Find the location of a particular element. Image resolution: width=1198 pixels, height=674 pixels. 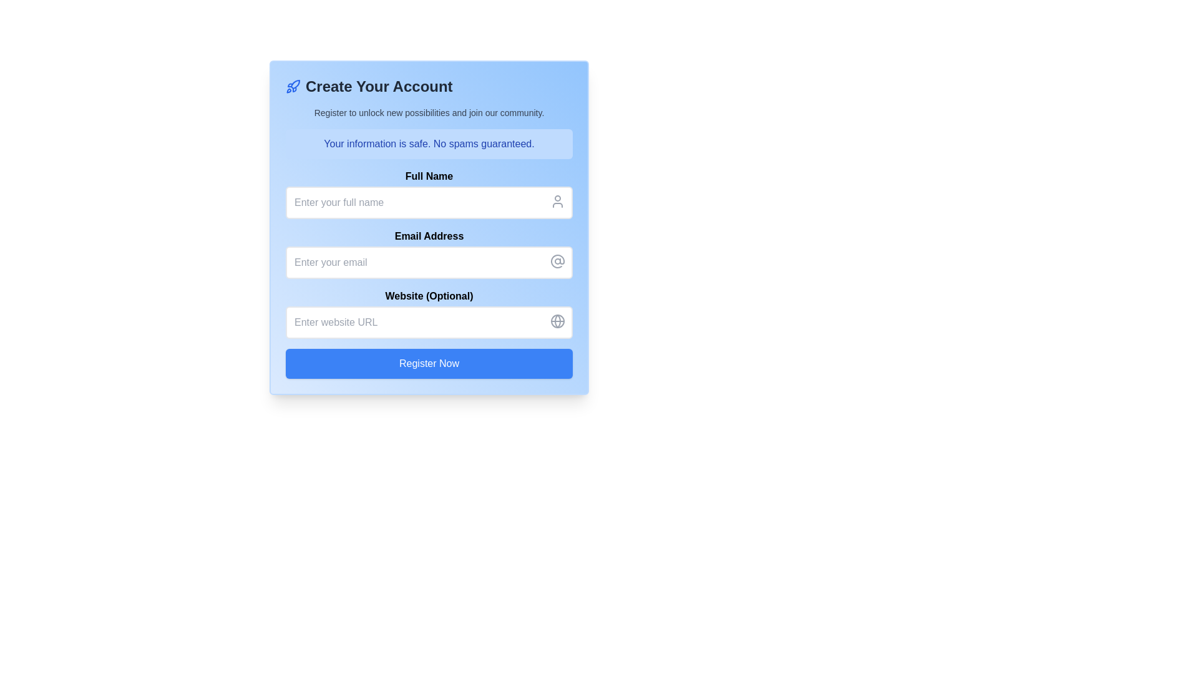

the '@' icon located within the 'Email Address' input field, which is styled with a gray color and has a circular design resembling the standard 'at-sign' is located at coordinates (557, 261).